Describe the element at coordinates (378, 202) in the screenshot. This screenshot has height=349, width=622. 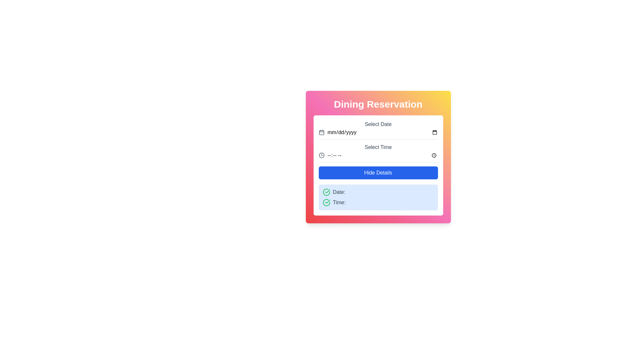
I see `the 'Time' label in the second row of the informational card that confirms the dining reservation details, located directly below the 'Date:' label` at that location.